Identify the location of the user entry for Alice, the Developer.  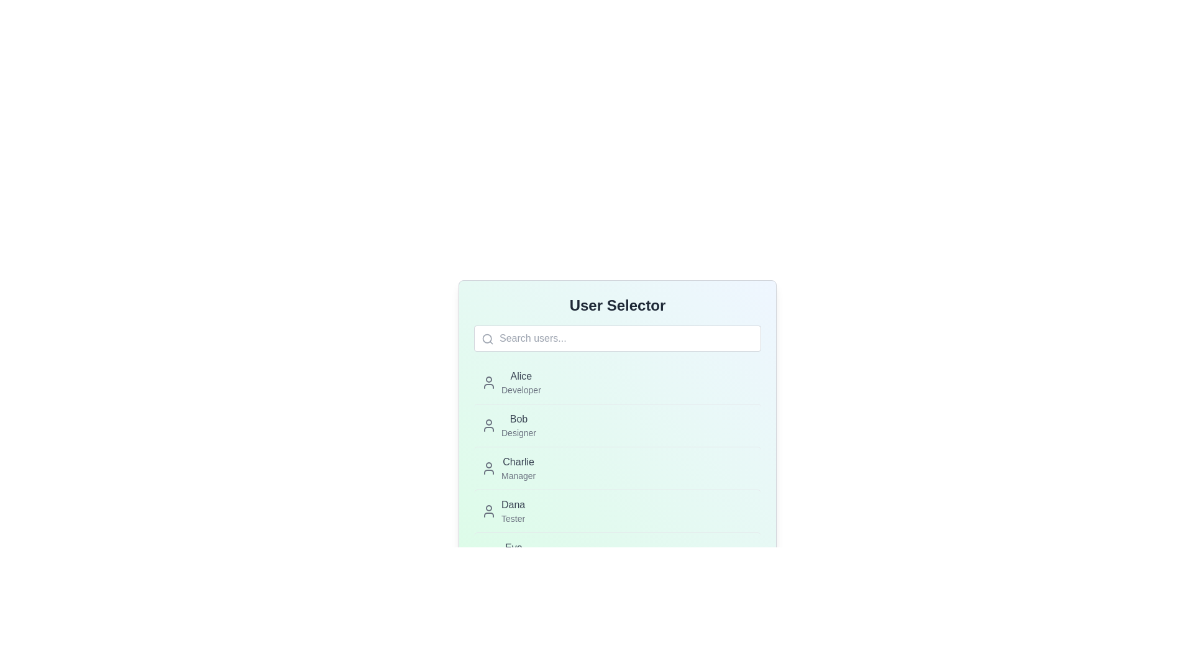
(511, 382).